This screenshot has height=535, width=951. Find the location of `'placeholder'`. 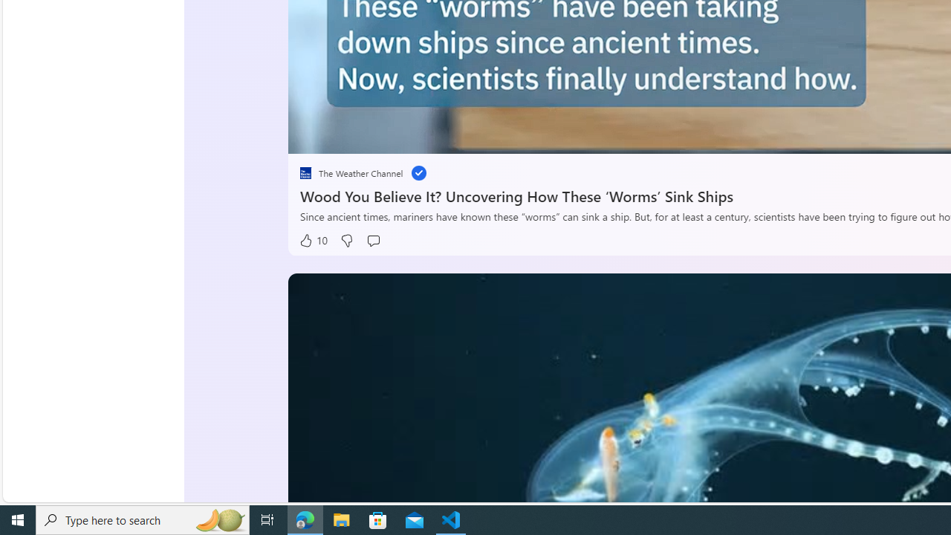

'placeholder' is located at coordinates (305, 172).